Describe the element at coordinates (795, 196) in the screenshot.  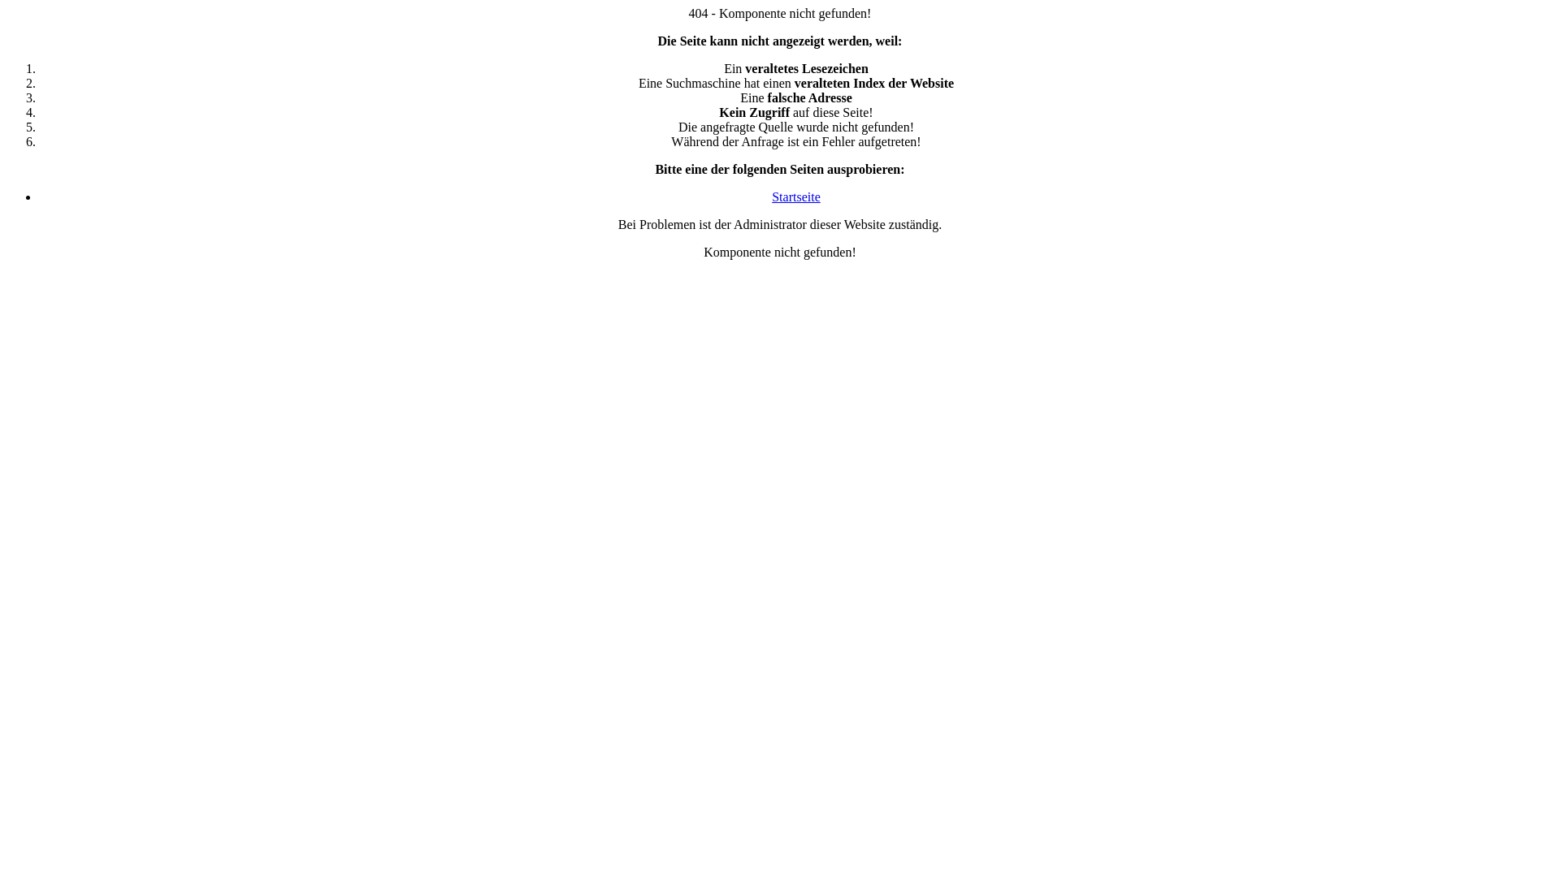
I see `'Startseite'` at that location.